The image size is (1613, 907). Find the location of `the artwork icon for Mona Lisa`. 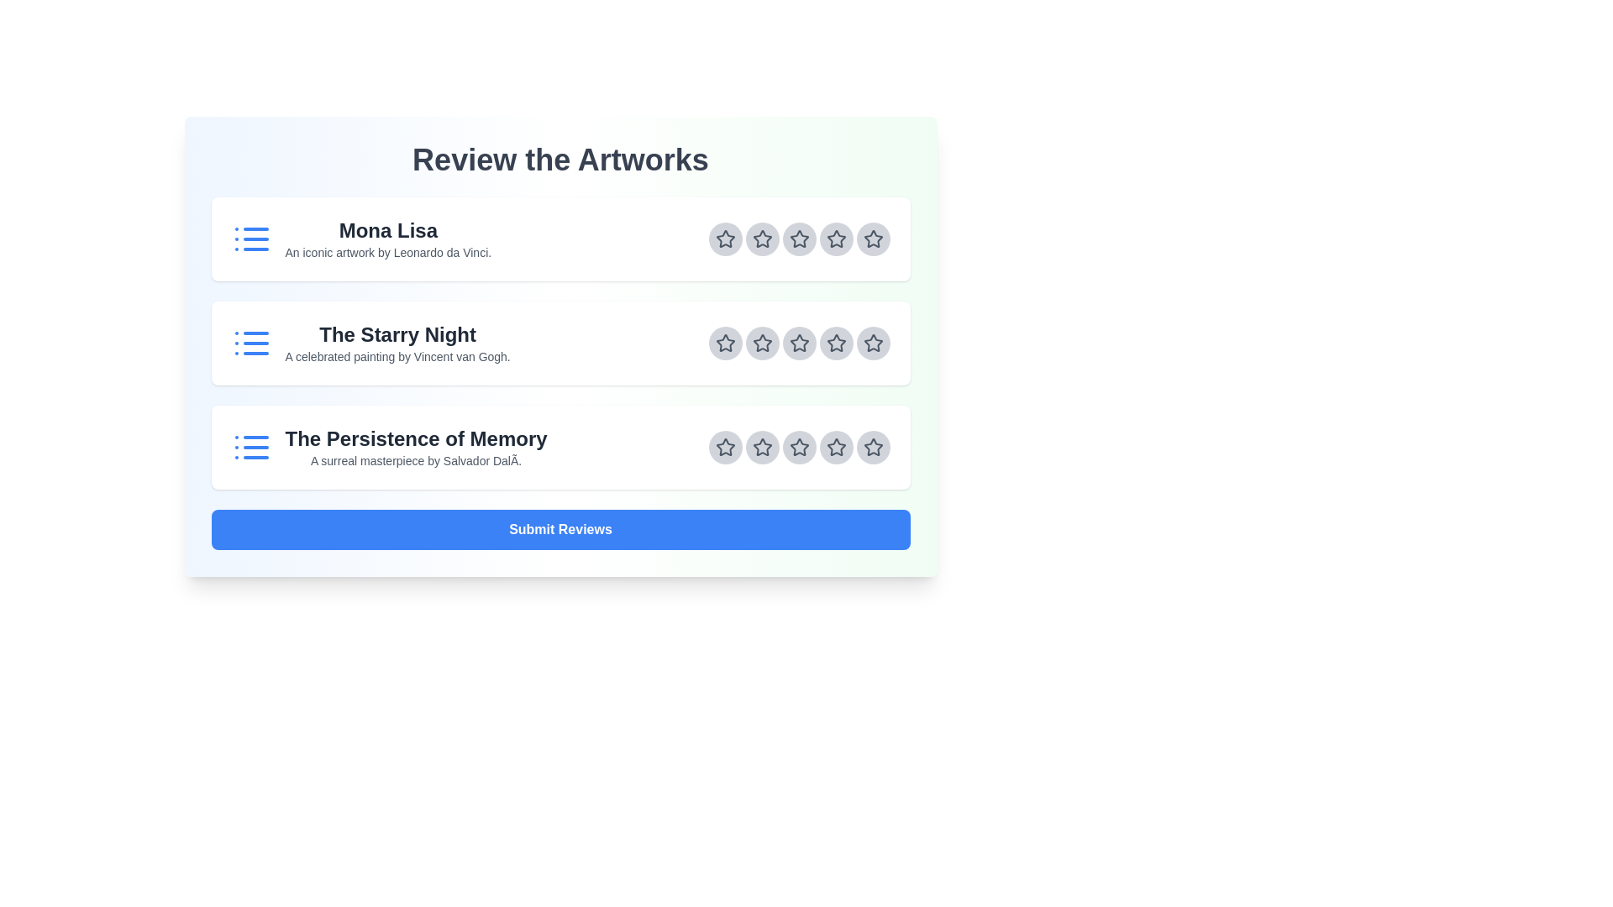

the artwork icon for Mona Lisa is located at coordinates (250, 239).